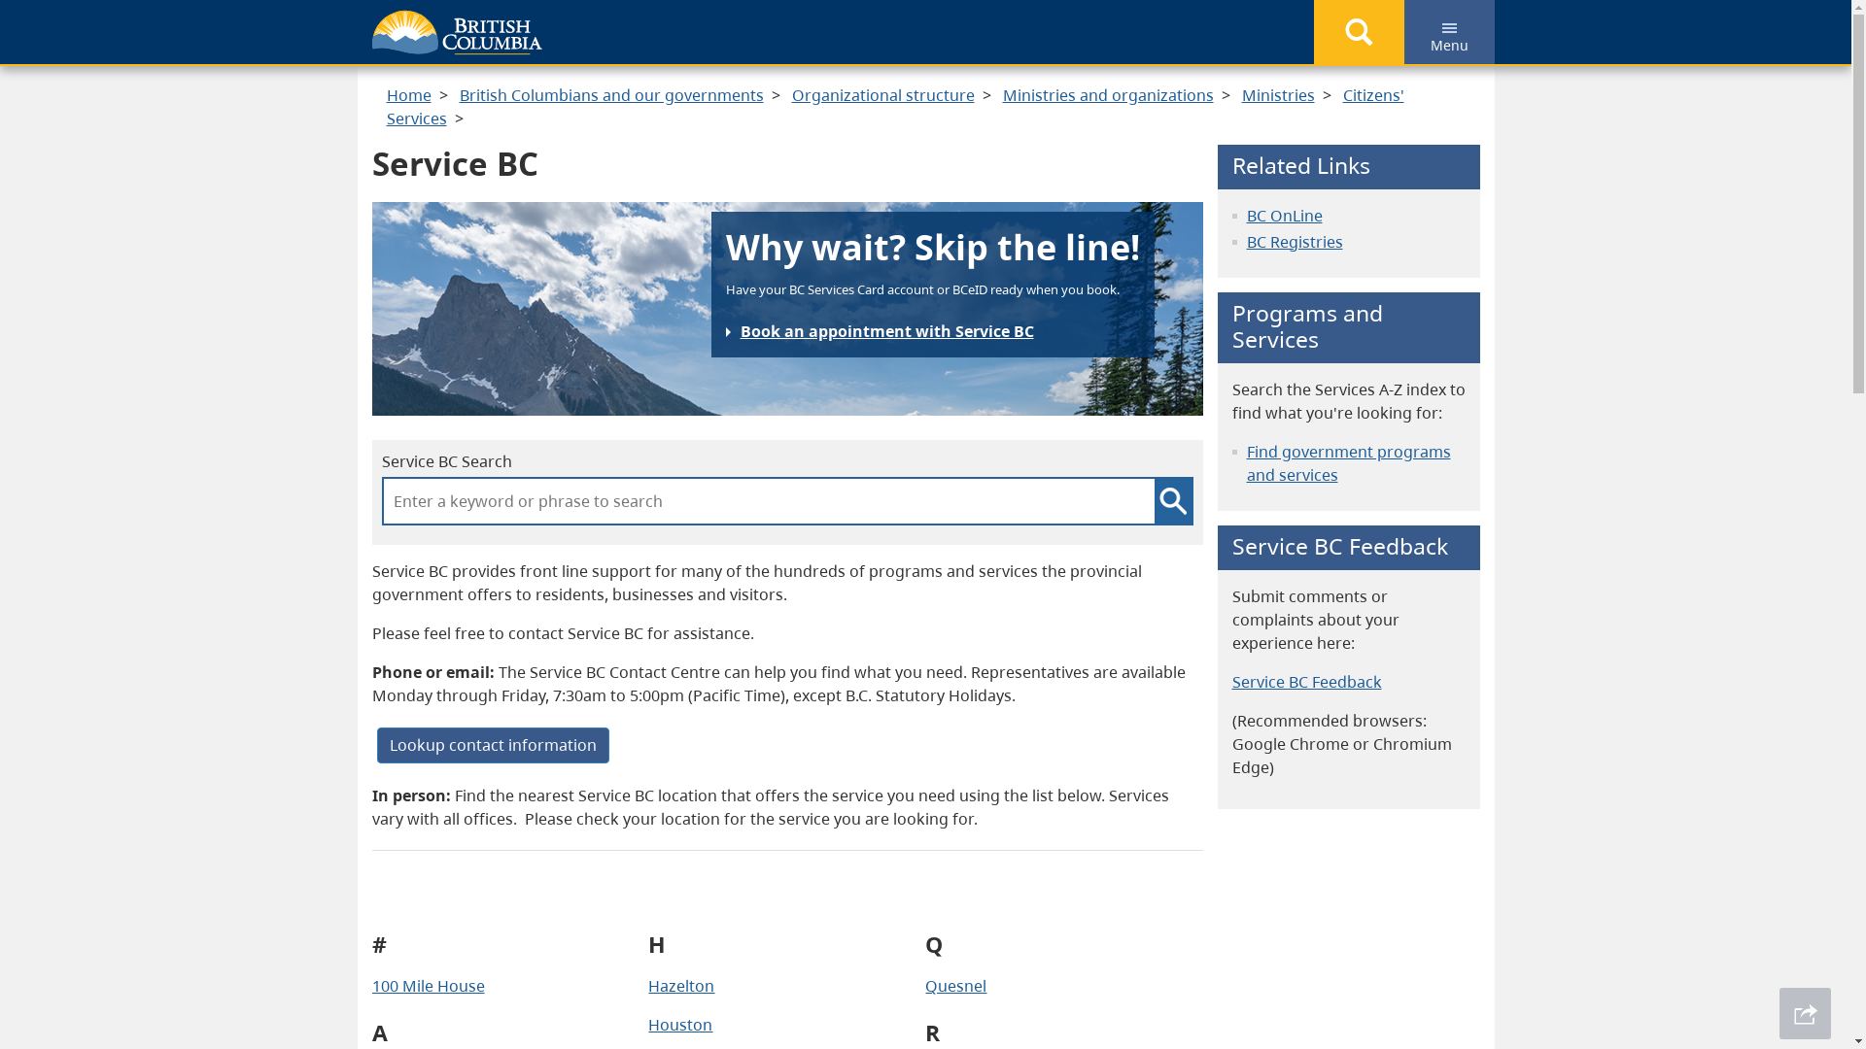  What do you see at coordinates (408, 94) in the screenshot?
I see `'Home'` at bounding box center [408, 94].